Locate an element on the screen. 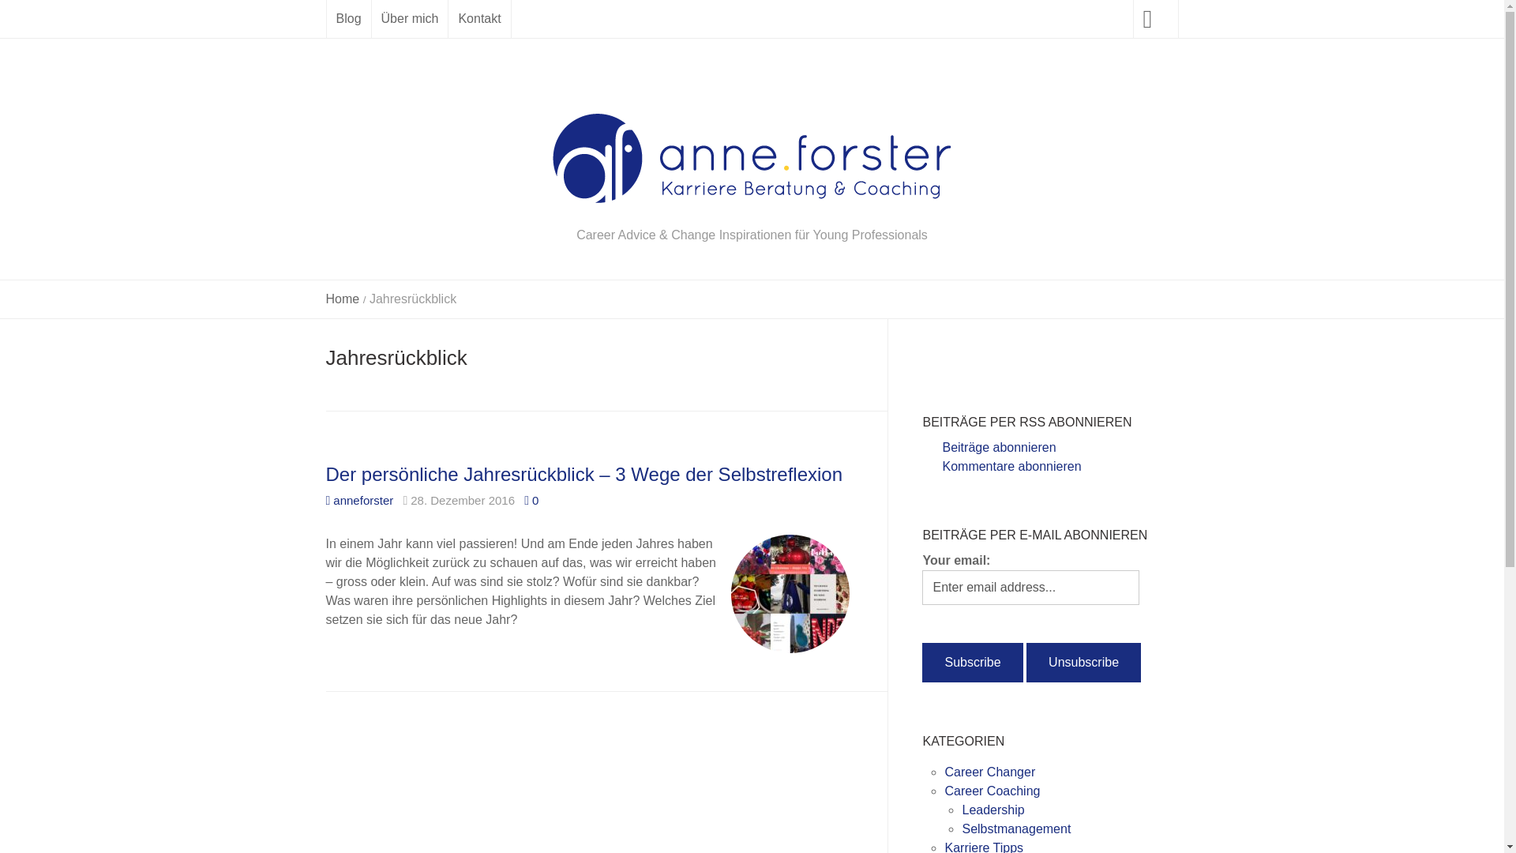 The image size is (1516, 853). 'Blog' is located at coordinates (347, 18).